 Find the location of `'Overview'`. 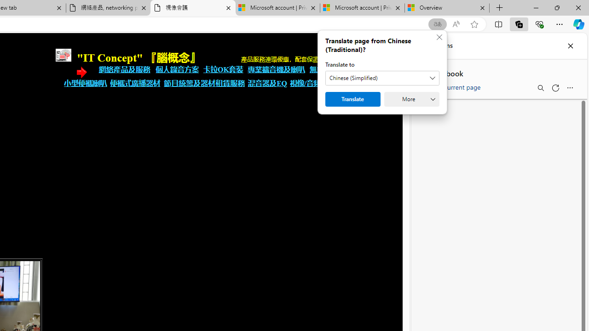

'Overview' is located at coordinates (447, 8).